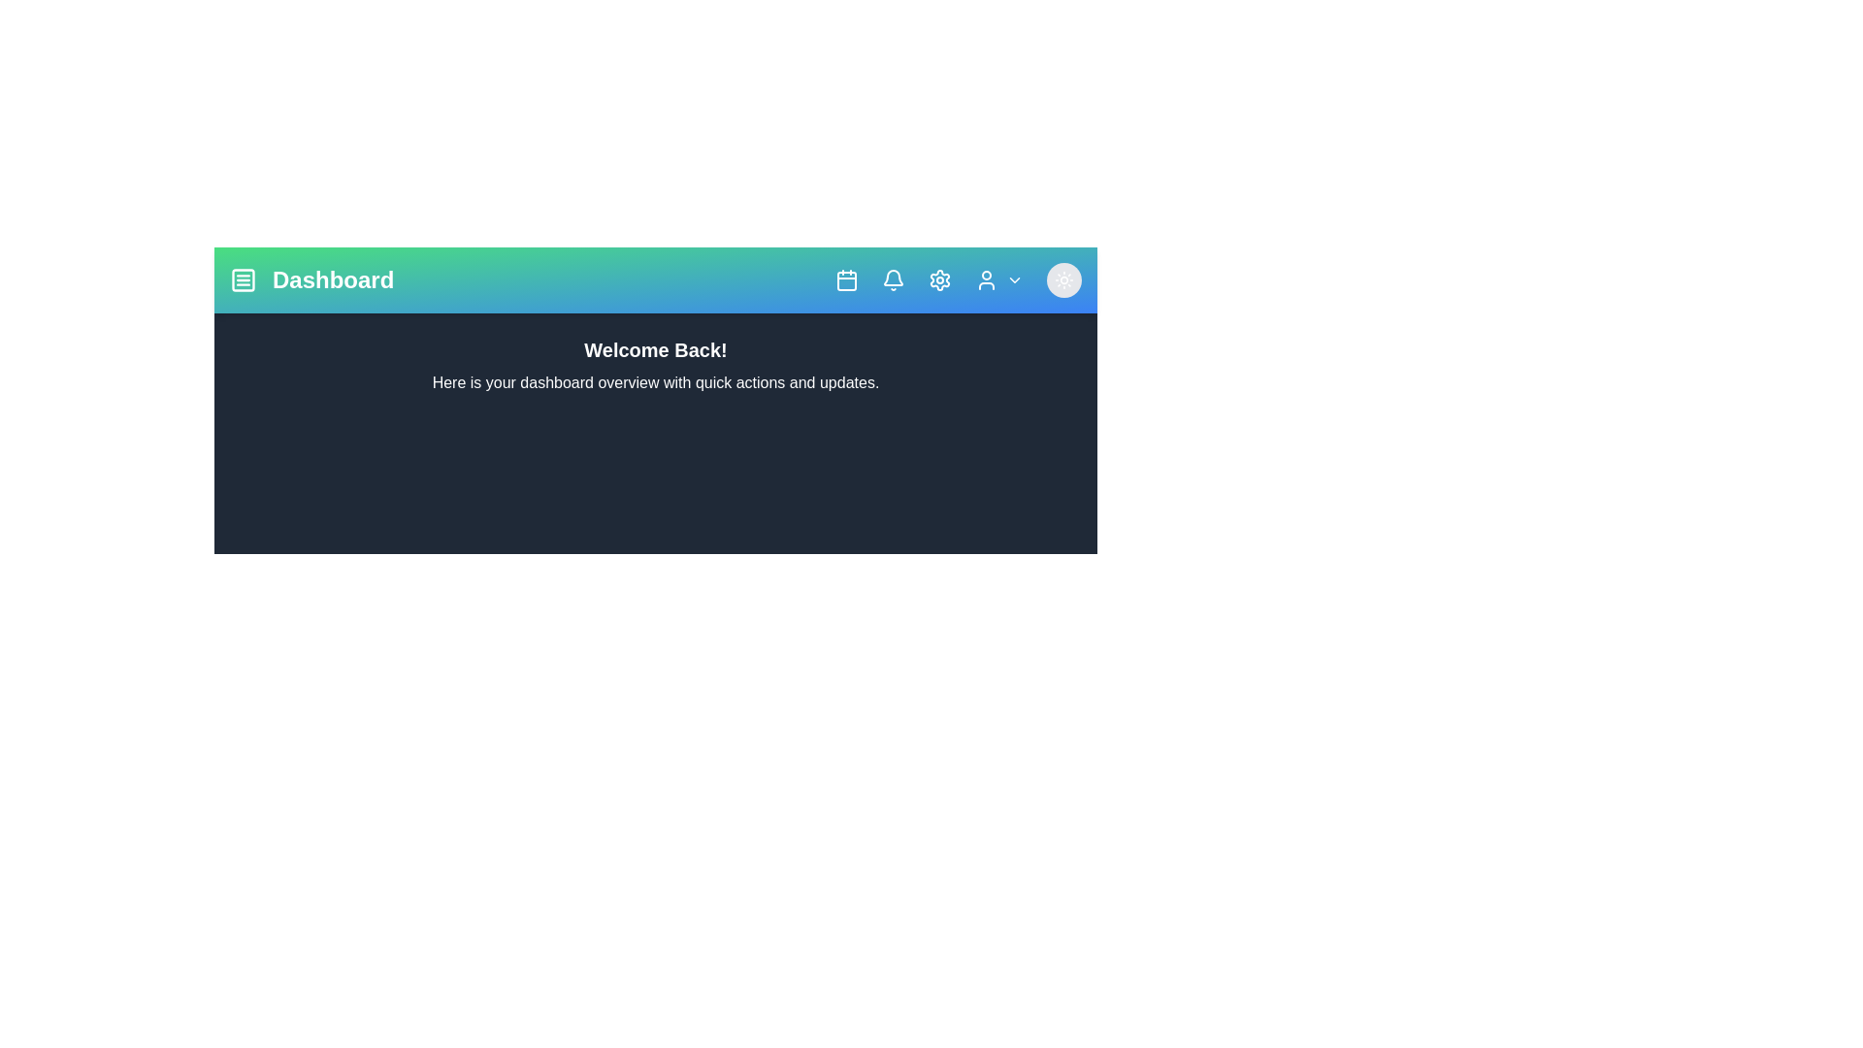  Describe the element at coordinates (1063, 280) in the screenshot. I see `the dark mode toggle button to switch between dark and light modes` at that location.